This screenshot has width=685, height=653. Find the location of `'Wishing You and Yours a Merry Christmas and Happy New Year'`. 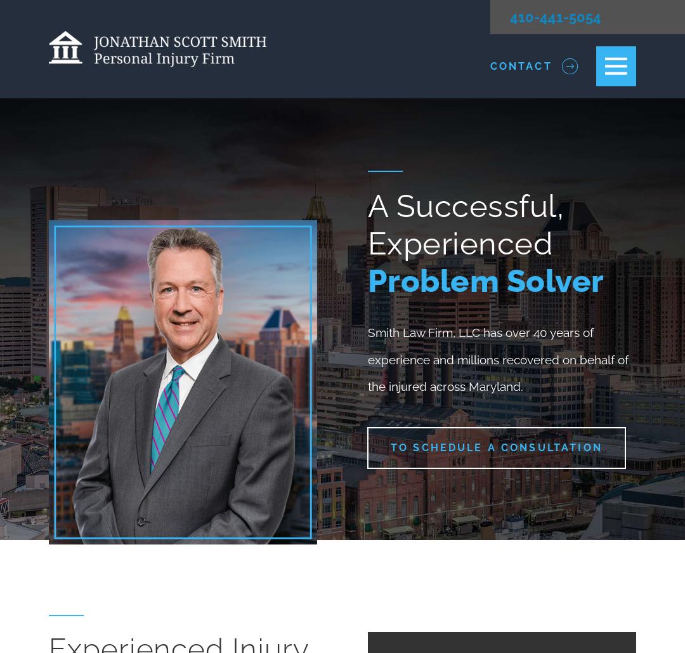

'Wishing You and Yours a Merry Christmas and Happy New Year' is located at coordinates (493, 602).